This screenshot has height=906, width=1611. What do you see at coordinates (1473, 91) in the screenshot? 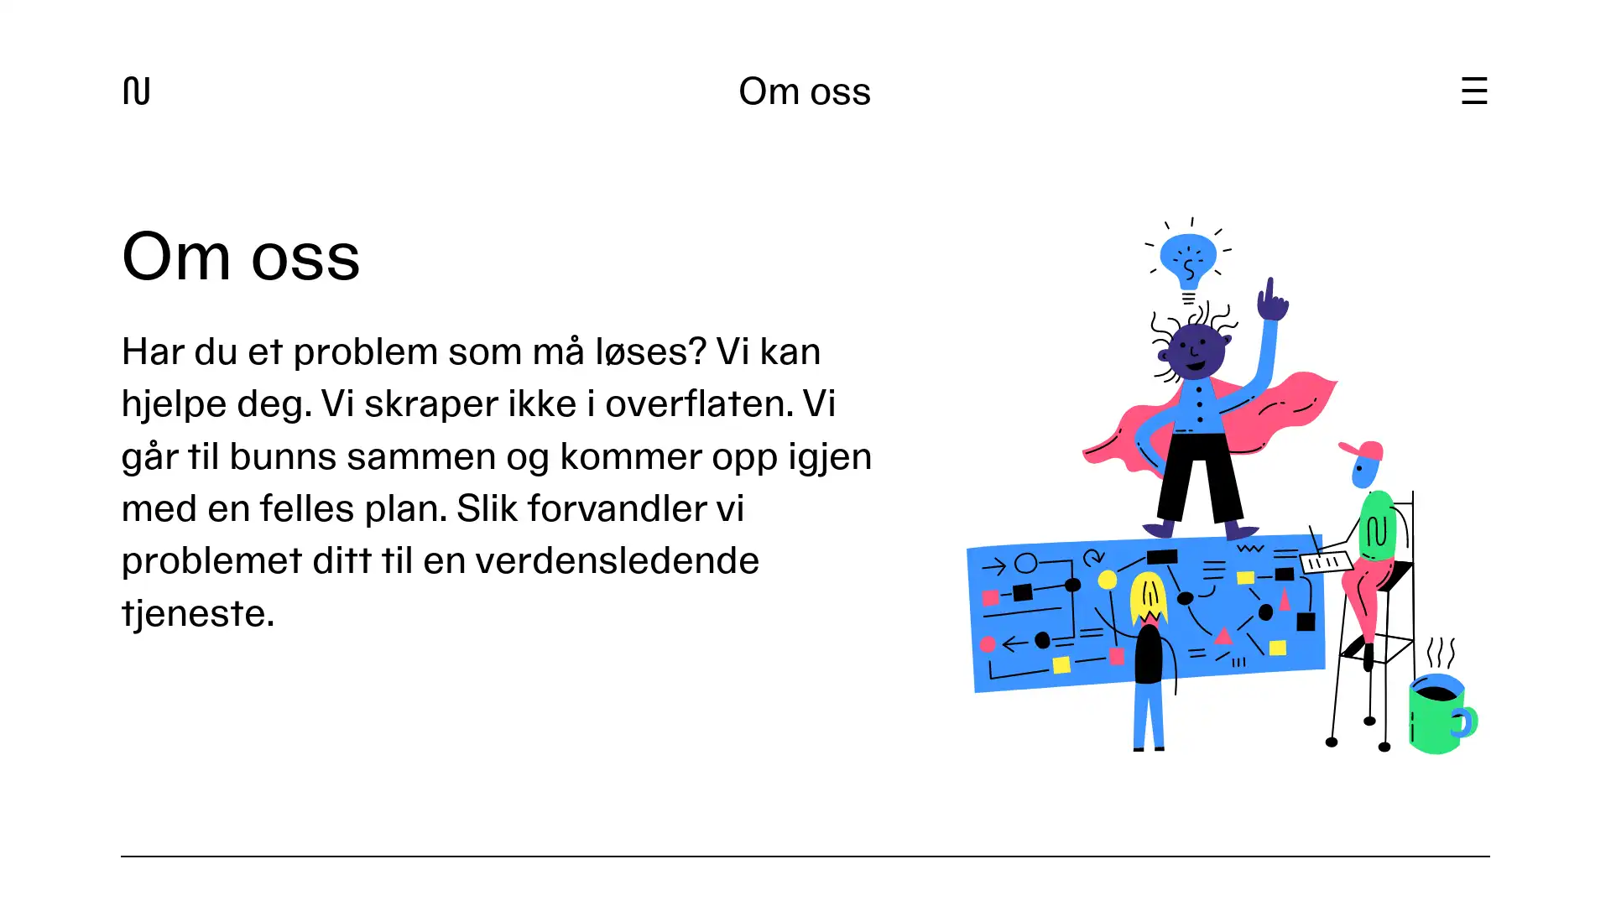
I see `Meny` at bounding box center [1473, 91].